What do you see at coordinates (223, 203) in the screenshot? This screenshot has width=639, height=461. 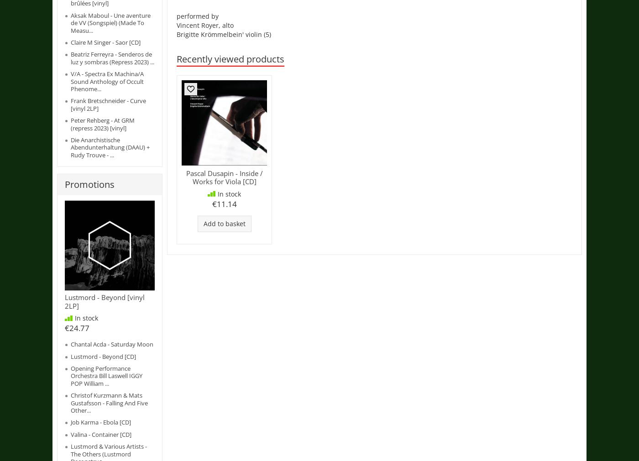 I see `'€11.14'` at bounding box center [223, 203].